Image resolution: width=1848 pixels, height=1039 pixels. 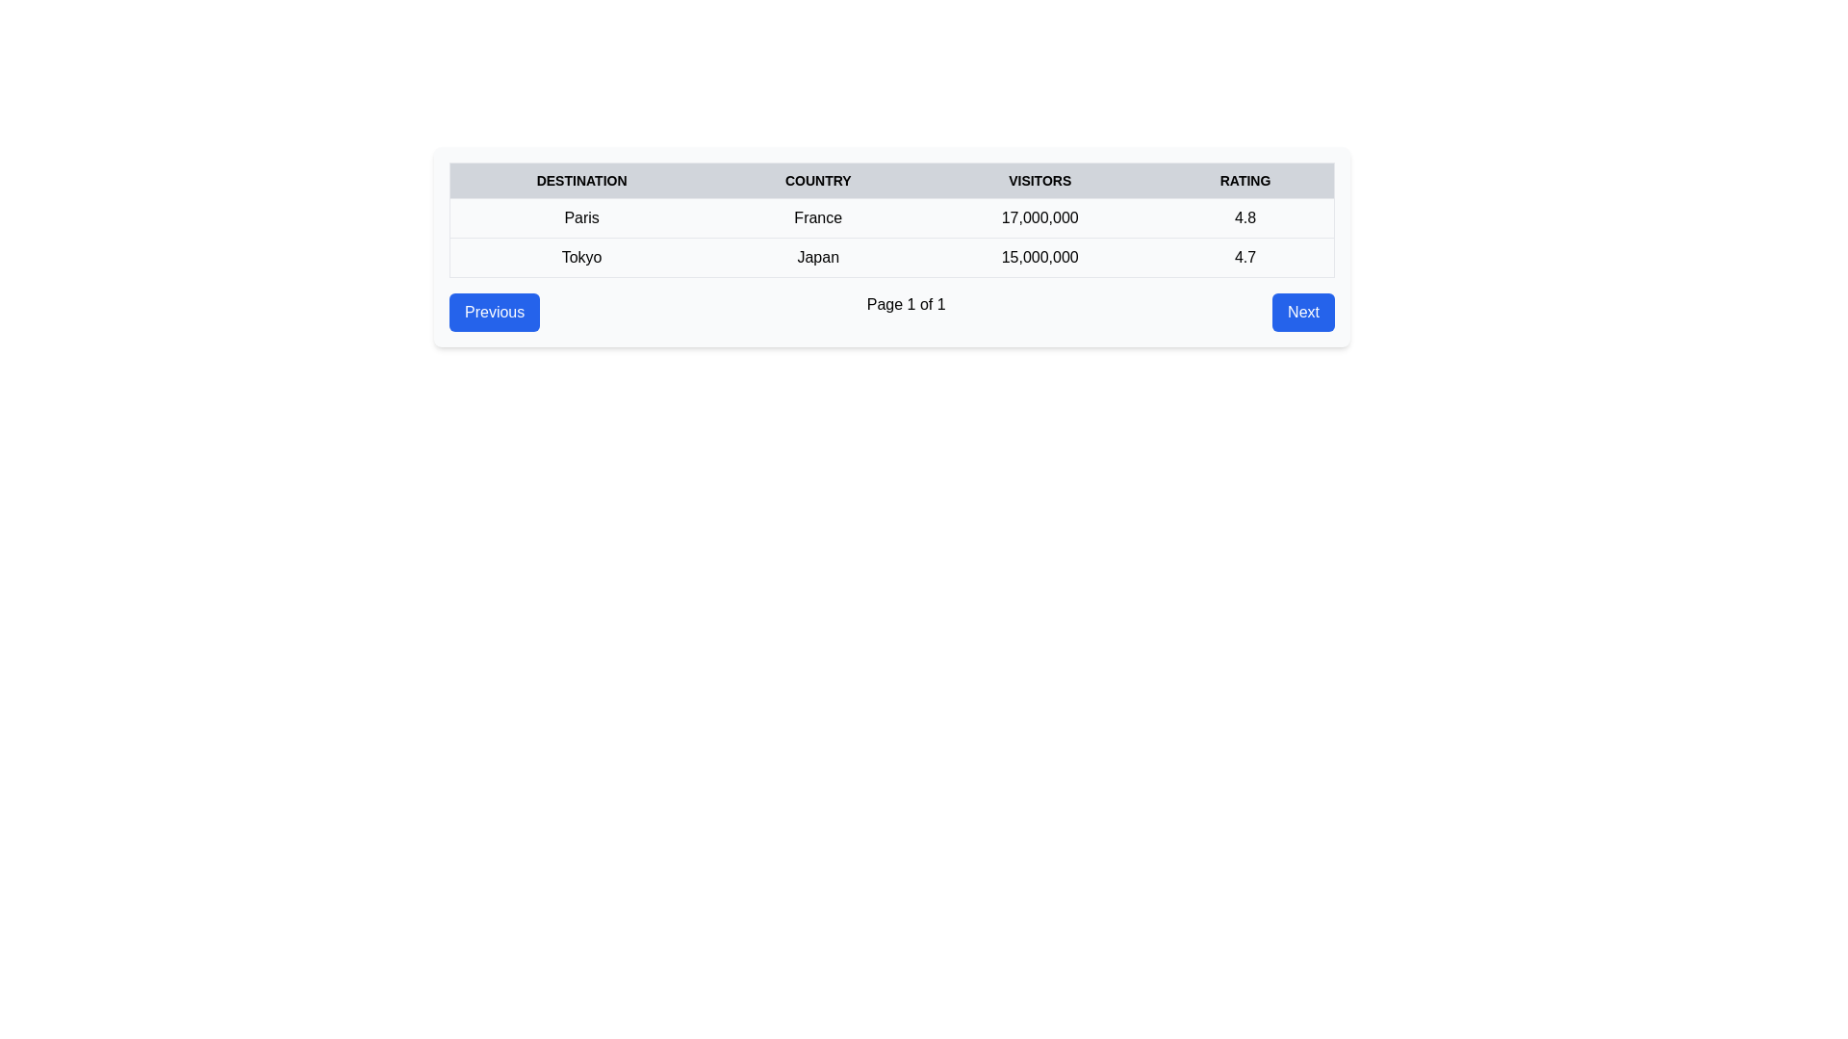 I want to click on 'Page 1 of 1' text label located in the center of the Pagination control at the bottom of the content panel, so click(x=890, y=311).